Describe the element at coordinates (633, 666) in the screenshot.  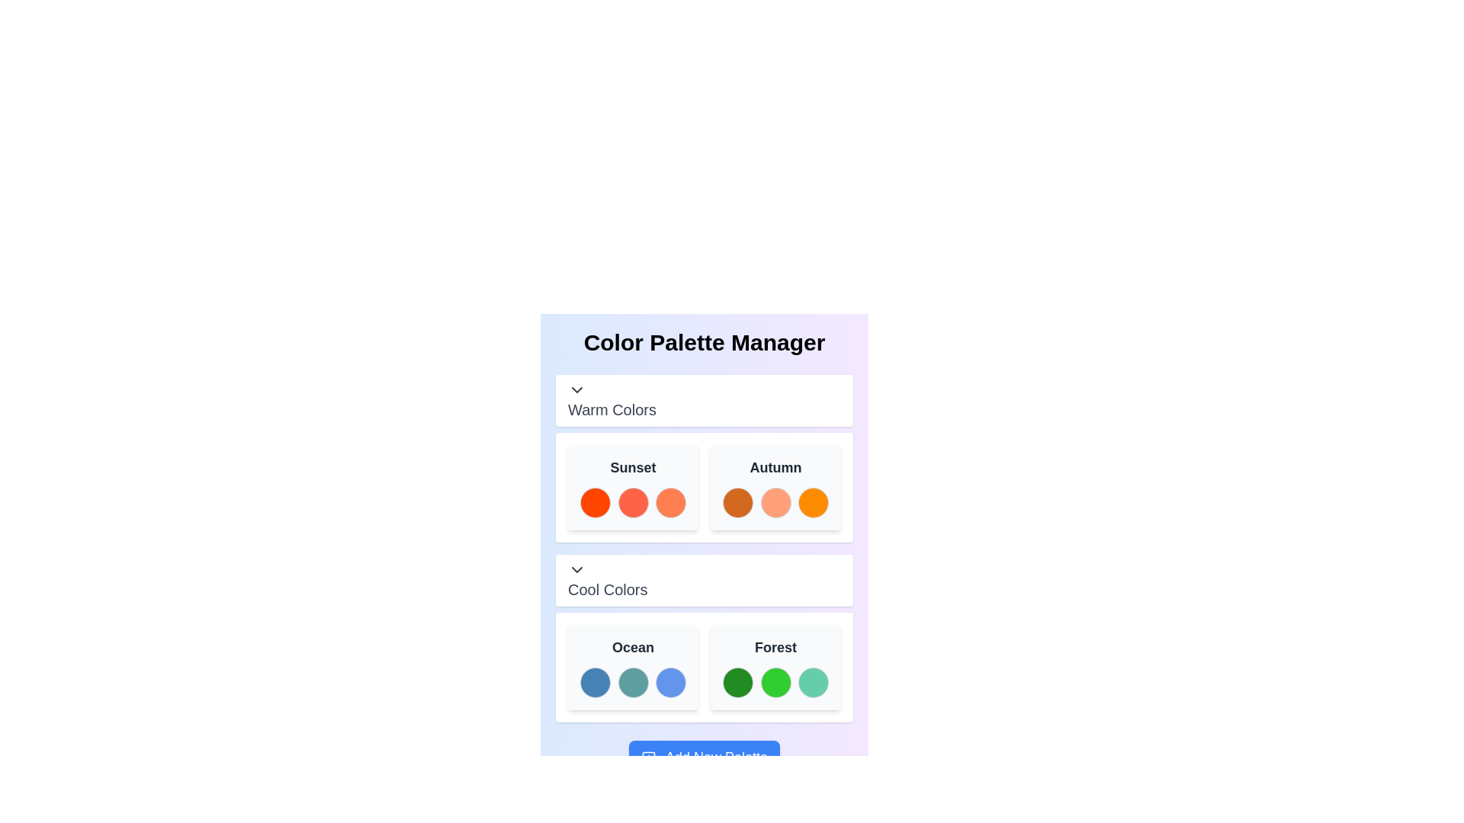
I see `the 'Ocean' color palette box within the 'Cool Colors' section of the 'Color Palette Manager' interface` at that location.